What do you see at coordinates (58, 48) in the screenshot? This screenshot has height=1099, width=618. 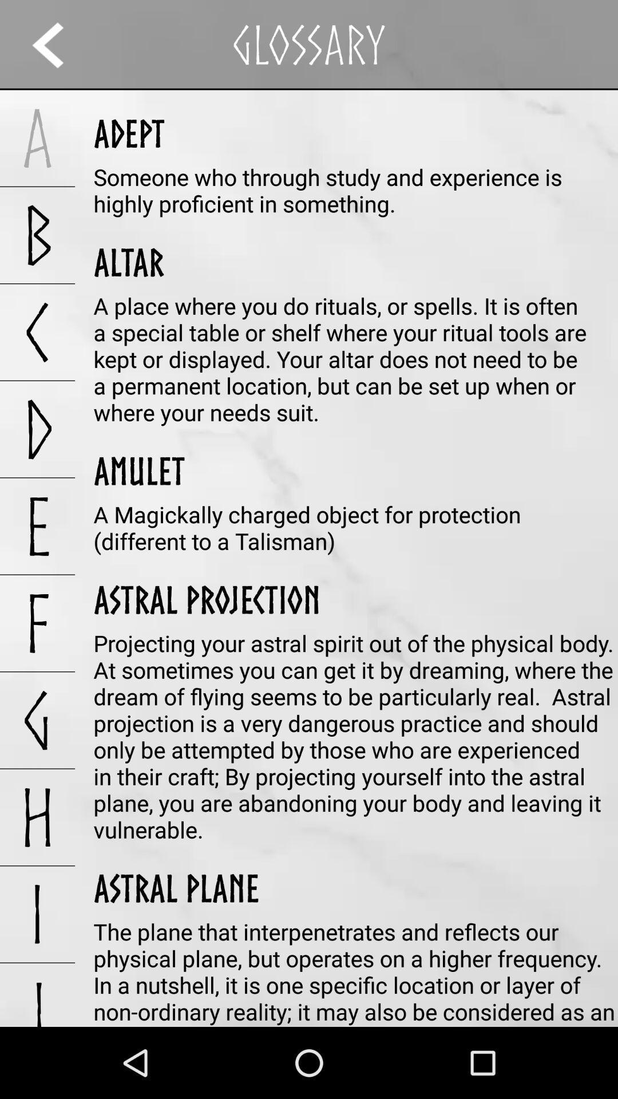 I see `the arrow_backward icon` at bounding box center [58, 48].